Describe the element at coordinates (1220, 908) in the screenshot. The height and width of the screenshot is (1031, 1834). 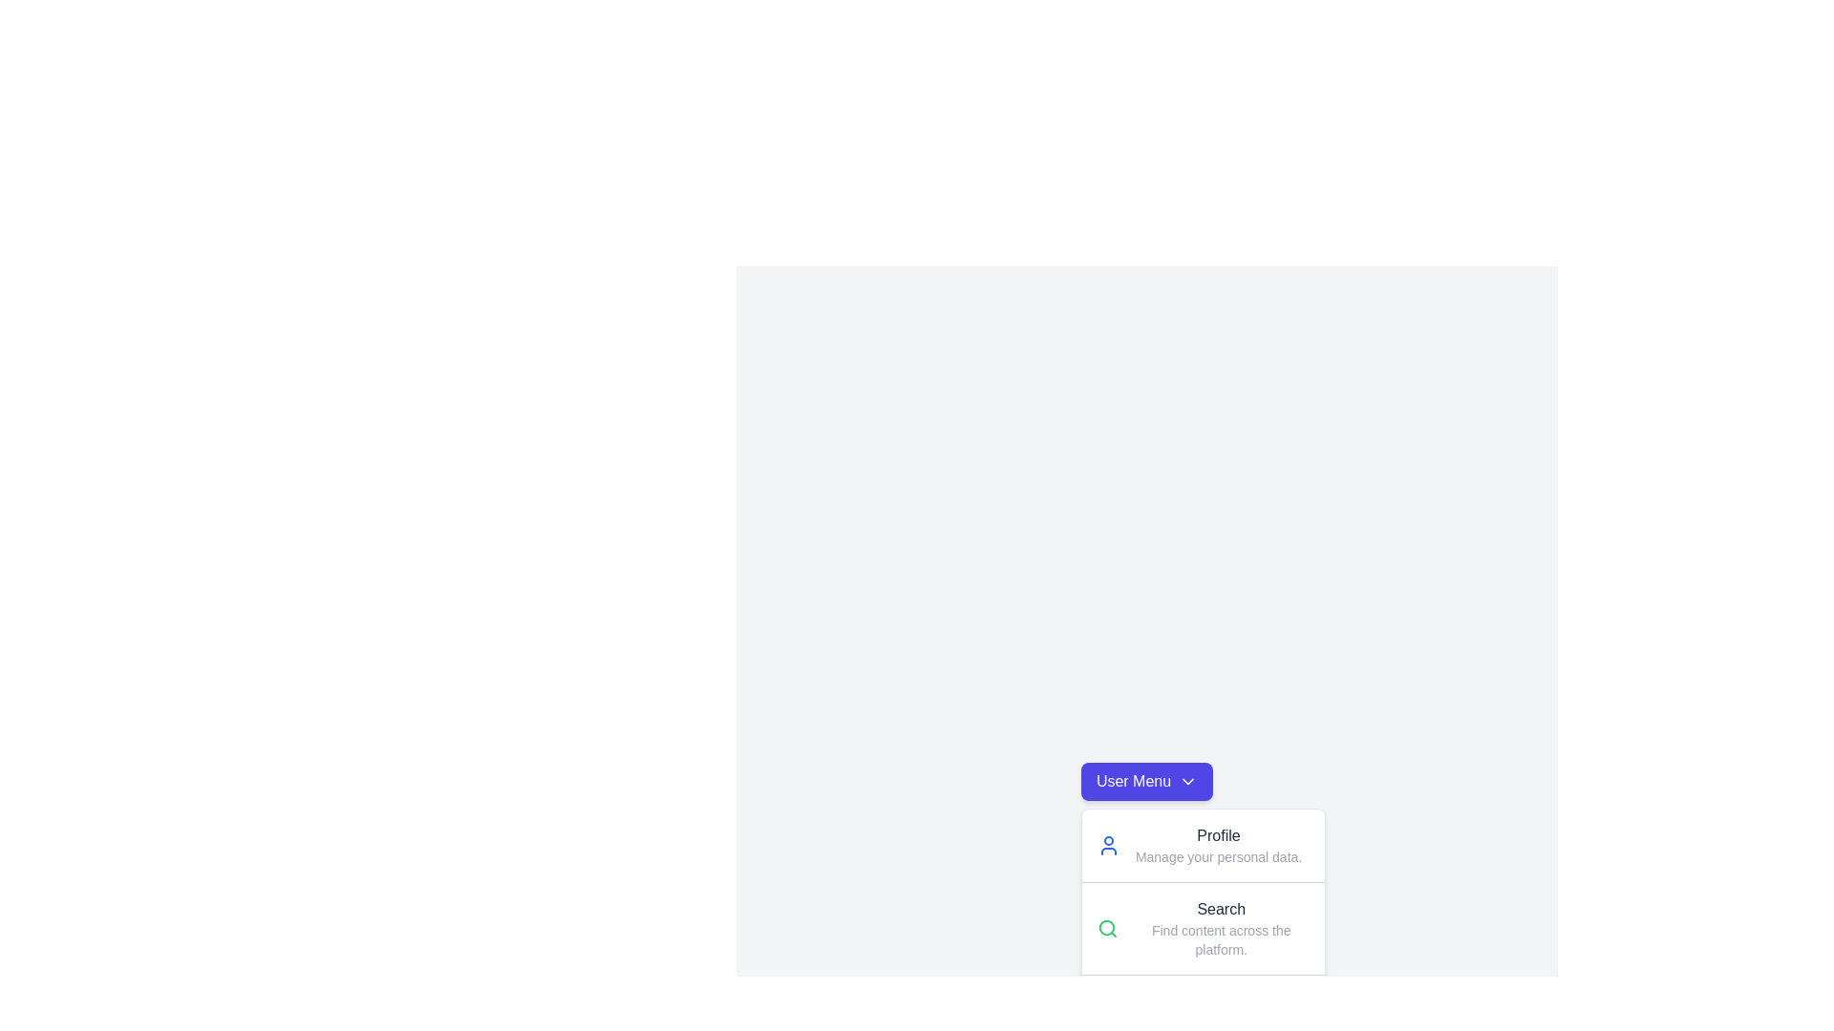
I see `the 'Search' label that is styled in a medium font weight and dark gray color, located within the dropdown menu under the 'User Menu' button` at that location.